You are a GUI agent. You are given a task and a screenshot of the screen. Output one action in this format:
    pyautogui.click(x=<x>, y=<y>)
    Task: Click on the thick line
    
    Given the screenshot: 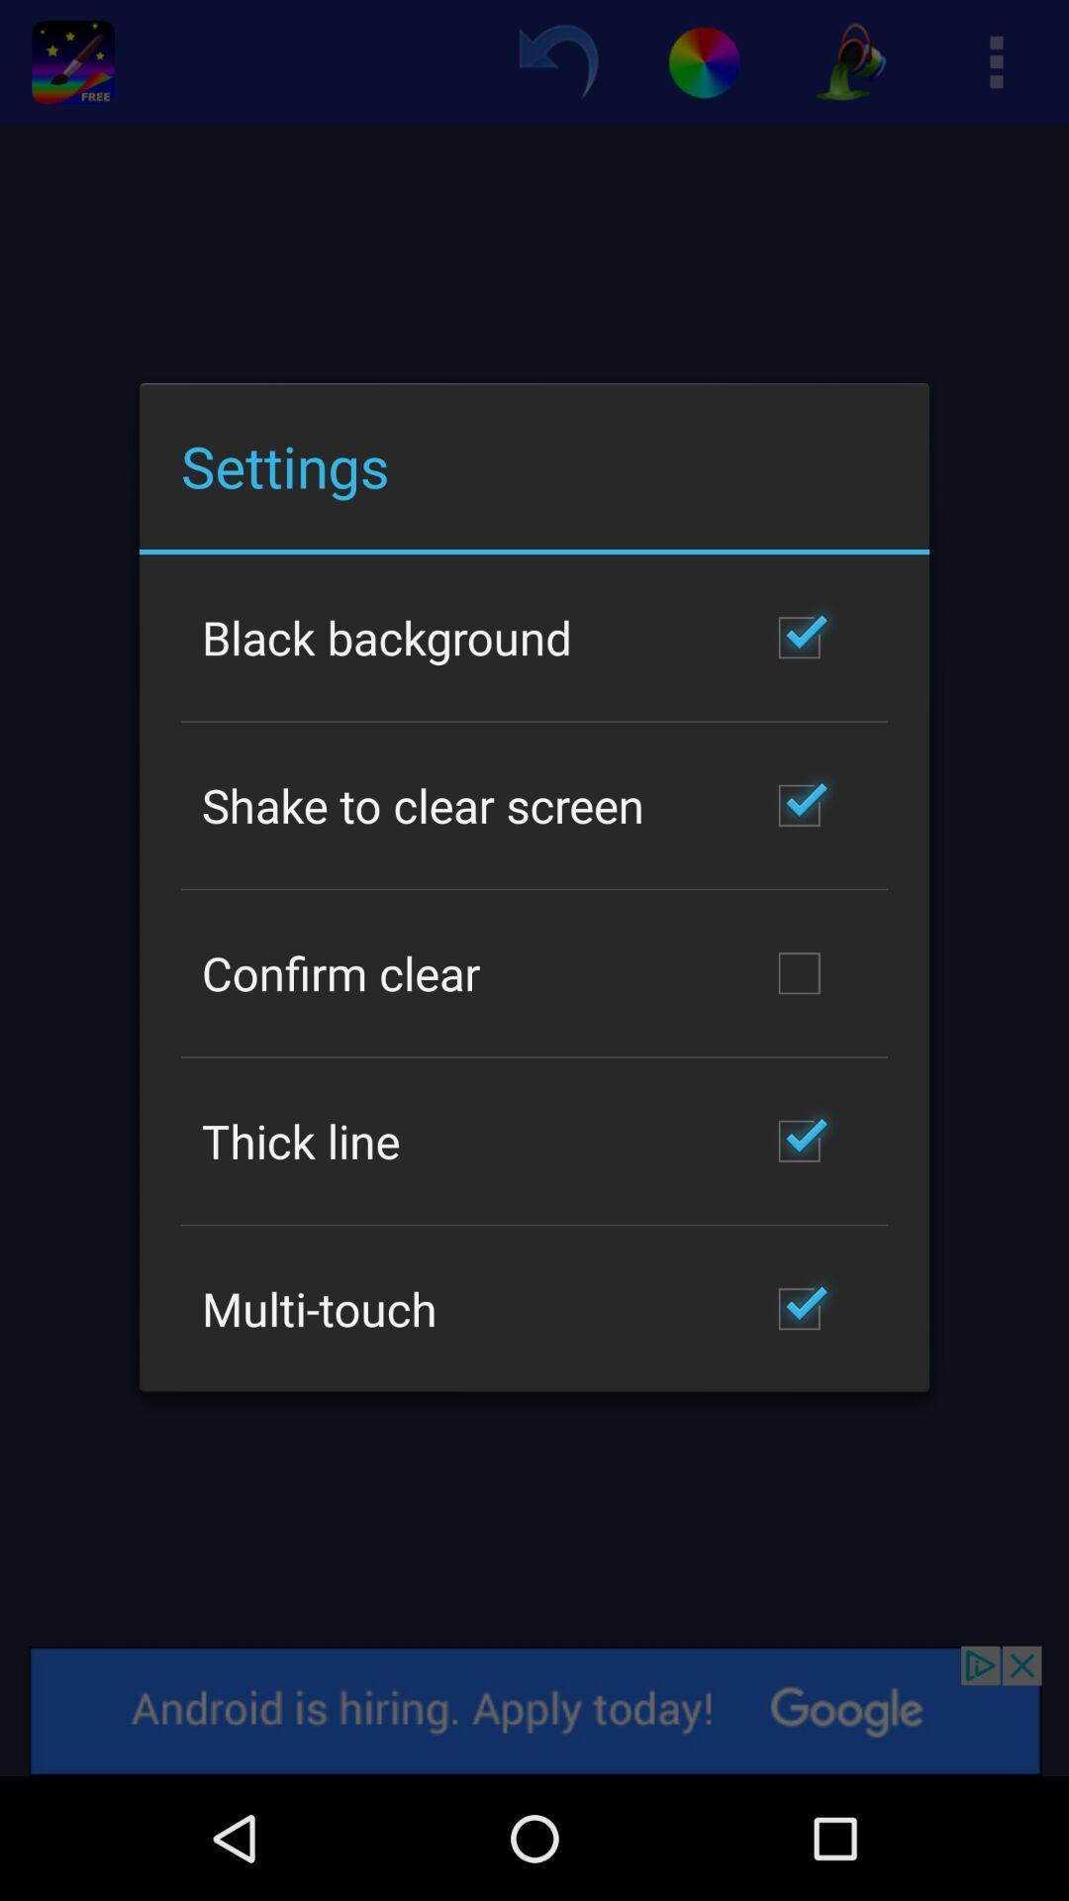 What is the action you would take?
    pyautogui.click(x=301, y=1141)
    